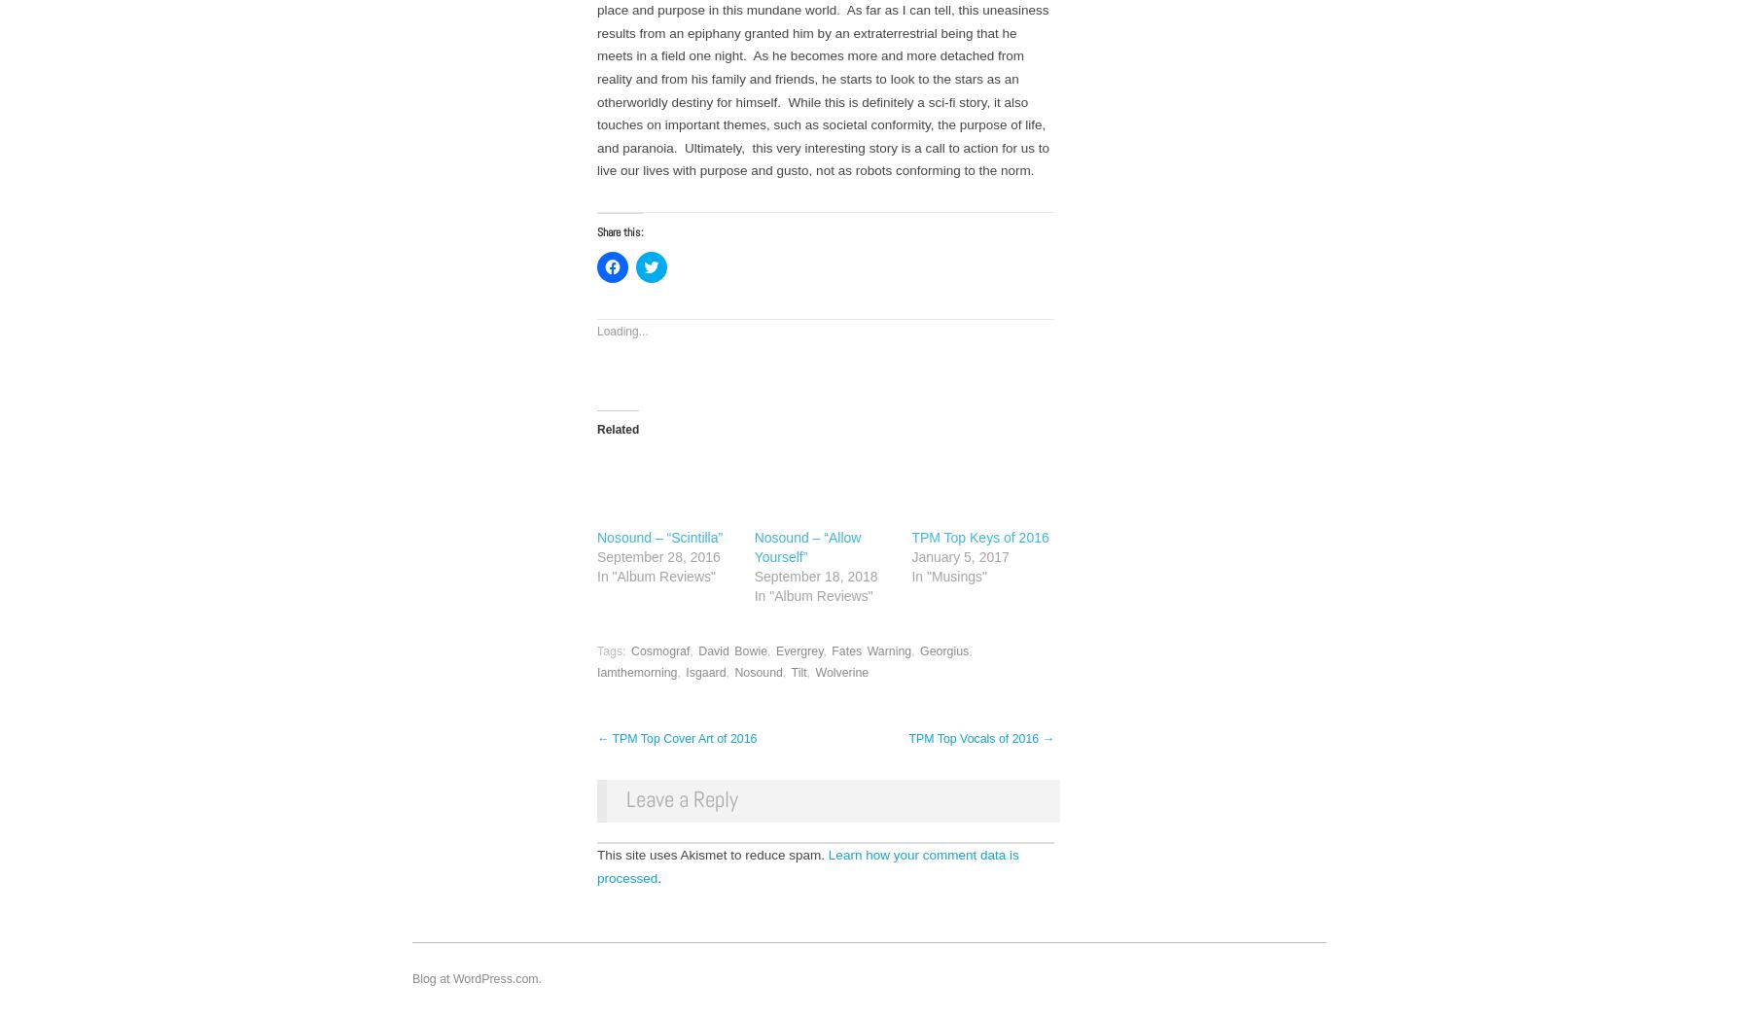 This screenshot has height=1019, width=1739. I want to click on 'Nosound', so click(733, 672).